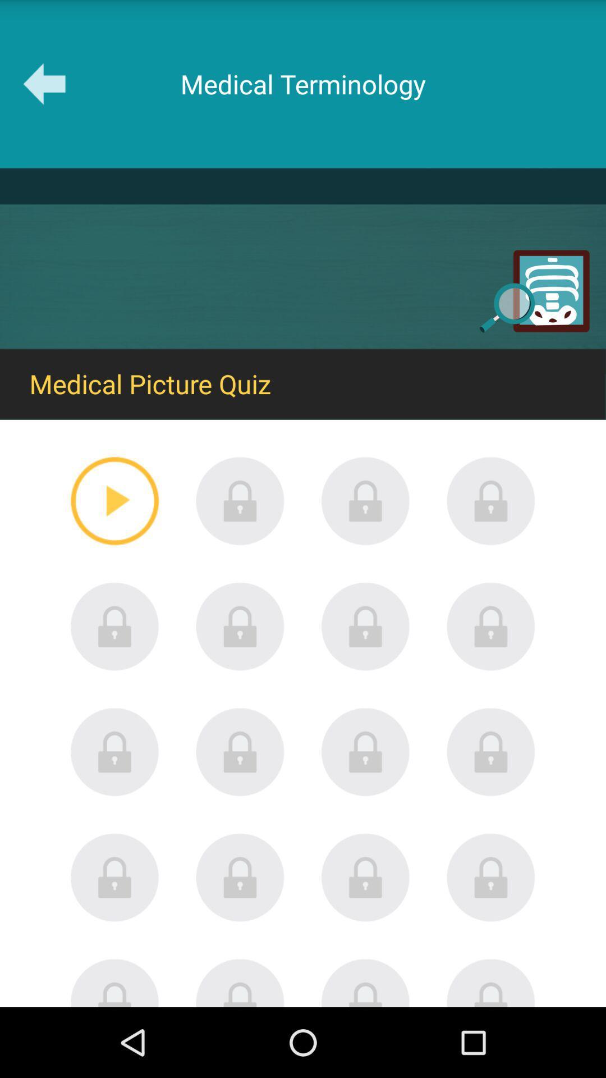  What do you see at coordinates (114, 626) in the screenshot?
I see `search for` at bounding box center [114, 626].